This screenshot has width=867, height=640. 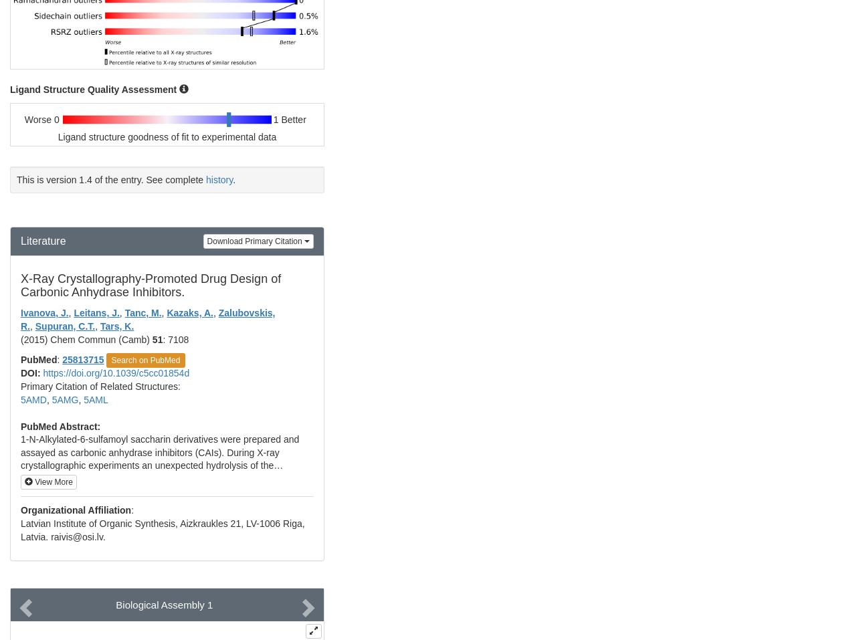 What do you see at coordinates (159, 471) in the screenshot?
I see `'1-N-Alkylated-6-sulfamoyl saccharin derivatives were prepared and assayed as carbonic anhydrase inhibitors (CAIs). During X-ray crystallographic experiments an unexpected hydrolysis of the isothiazole ring was evidenced which allowed us to prepare highly potent enzyme inhibitors with selectivity for some isoforms with medical applications.'` at bounding box center [159, 471].